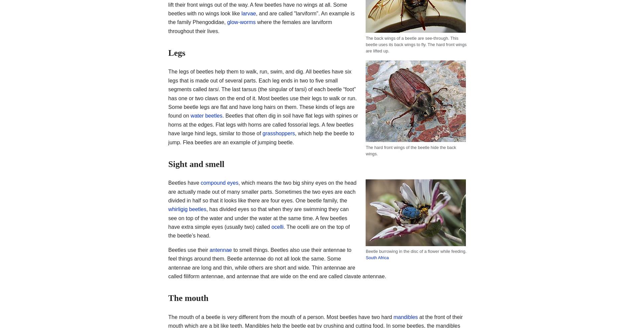 Image resolution: width=635 pixels, height=328 pixels. Describe the element at coordinates (258, 218) in the screenshot. I see `', has divided eyes so that when they are swimming they can see on top of the water and under the water at the same time. A few beetles have extra simple eyes (usually two) called'` at that location.